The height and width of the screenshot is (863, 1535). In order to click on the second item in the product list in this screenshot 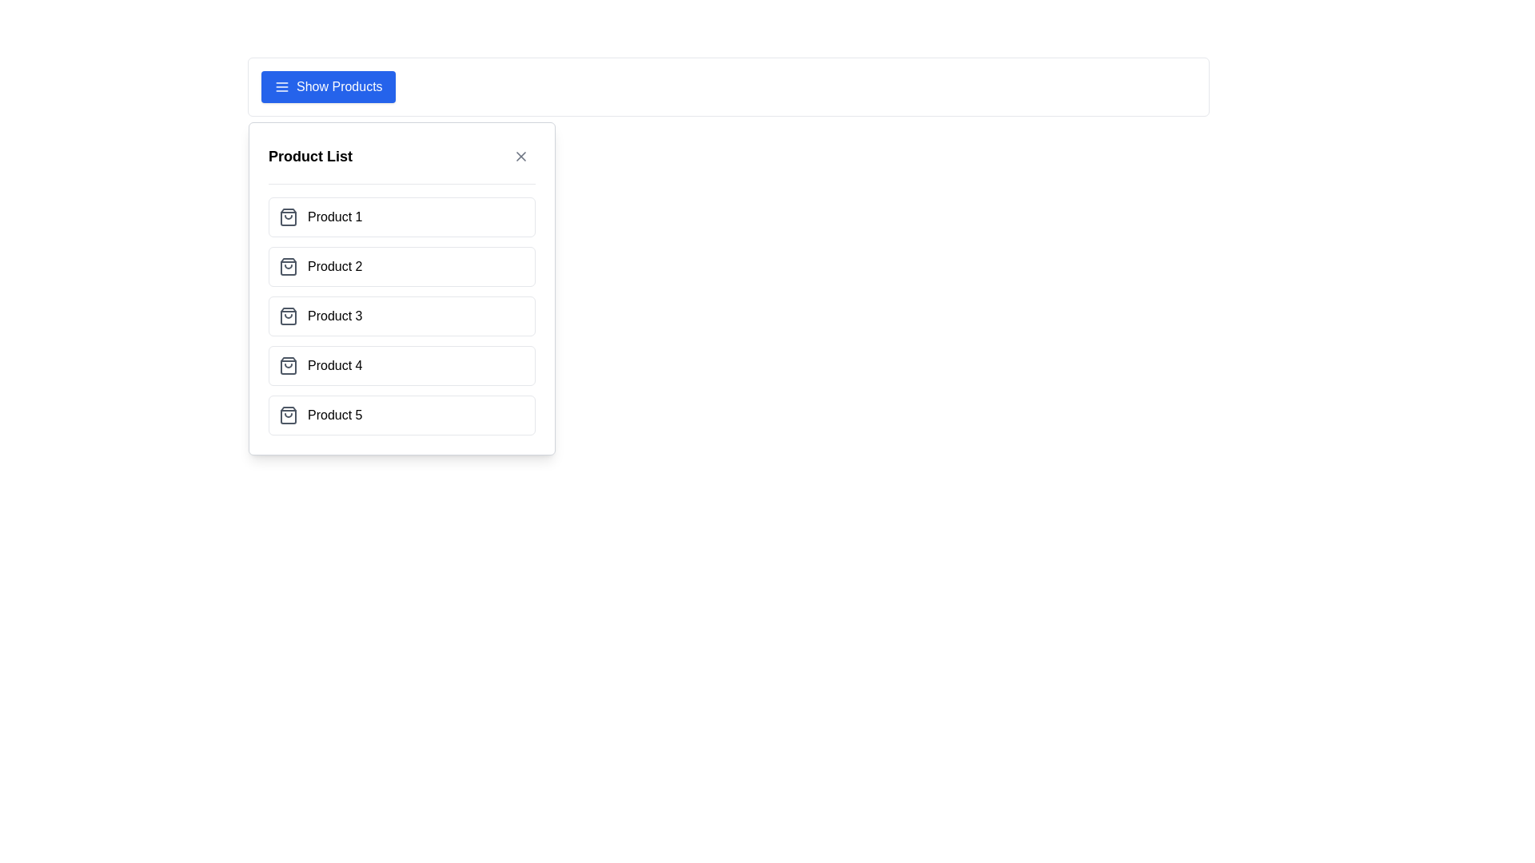, I will do `click(402, 266)`.